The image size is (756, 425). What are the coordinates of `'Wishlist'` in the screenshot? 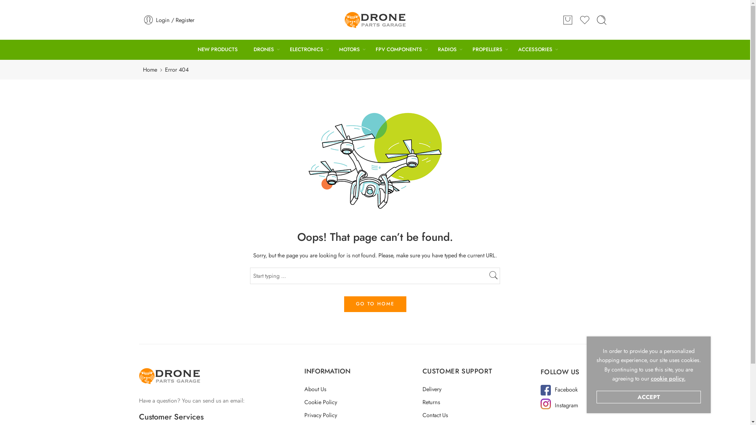 It's located at (584, 19).